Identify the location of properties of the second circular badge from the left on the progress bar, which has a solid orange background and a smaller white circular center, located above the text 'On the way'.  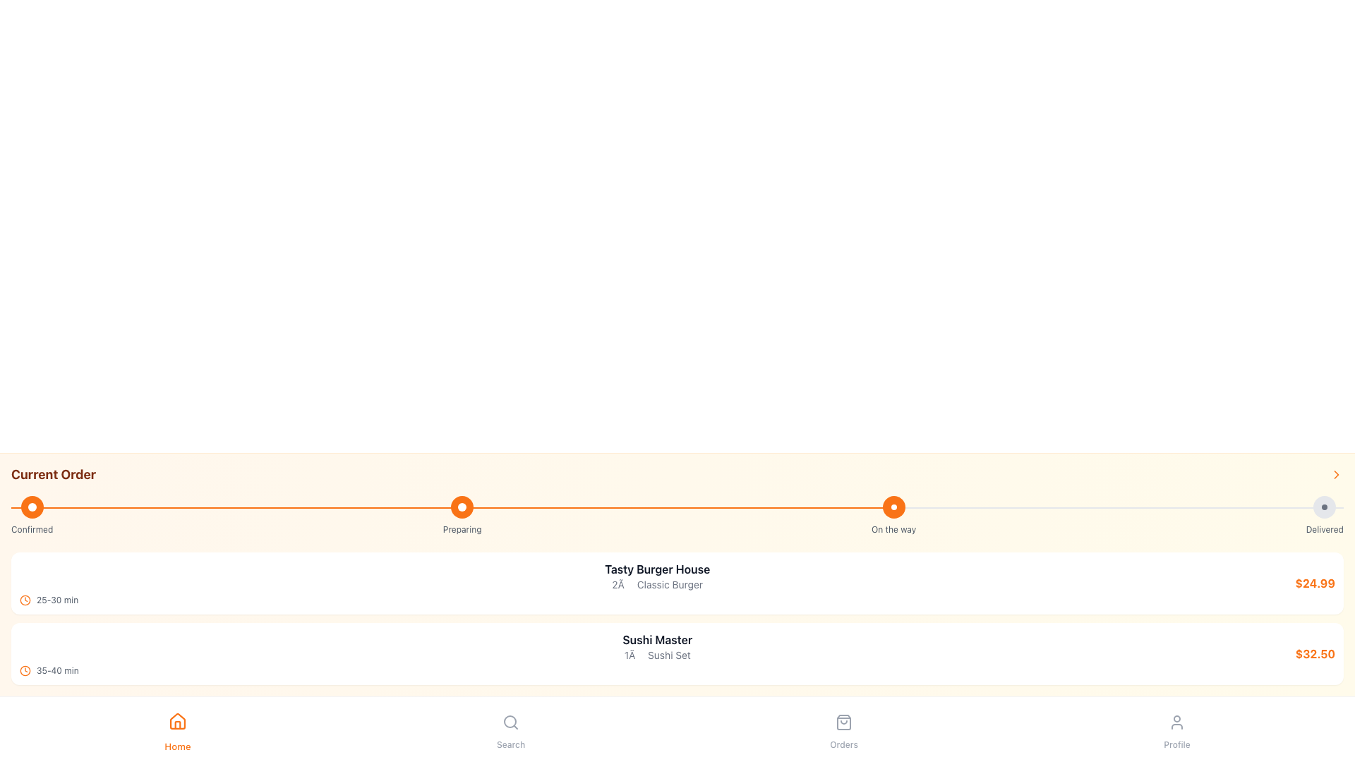
(893, 506).